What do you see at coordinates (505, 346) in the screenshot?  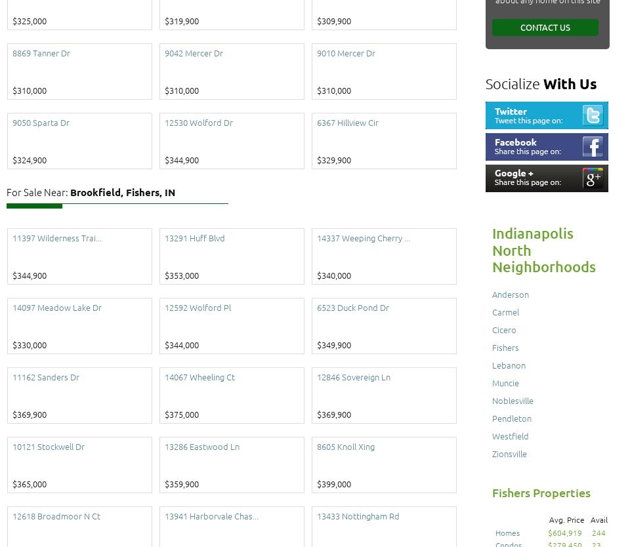 I see `'Fishers'` at bounding box center [505, 346].